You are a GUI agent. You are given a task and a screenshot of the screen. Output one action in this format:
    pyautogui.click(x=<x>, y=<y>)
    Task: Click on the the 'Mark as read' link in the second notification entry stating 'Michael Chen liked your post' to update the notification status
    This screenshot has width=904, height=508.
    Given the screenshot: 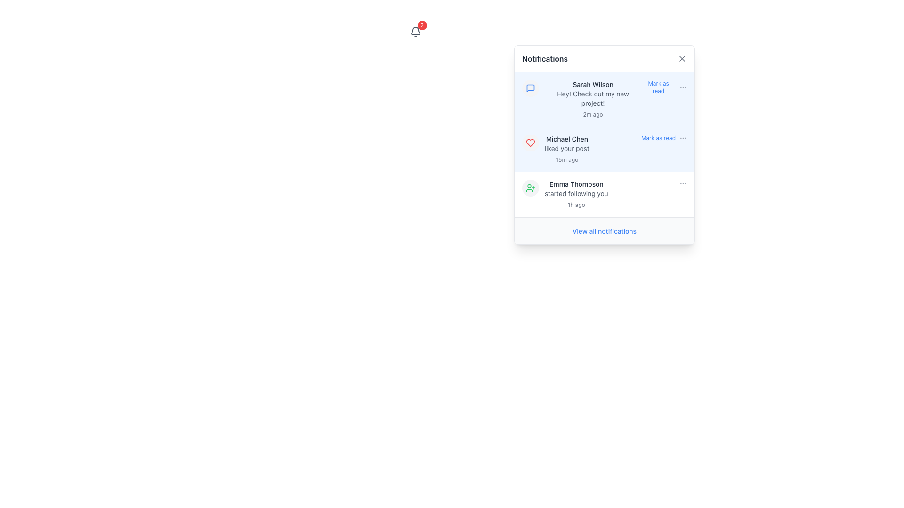 What is the action you would take?
    pyautogui.click(x=616, y=149)
    